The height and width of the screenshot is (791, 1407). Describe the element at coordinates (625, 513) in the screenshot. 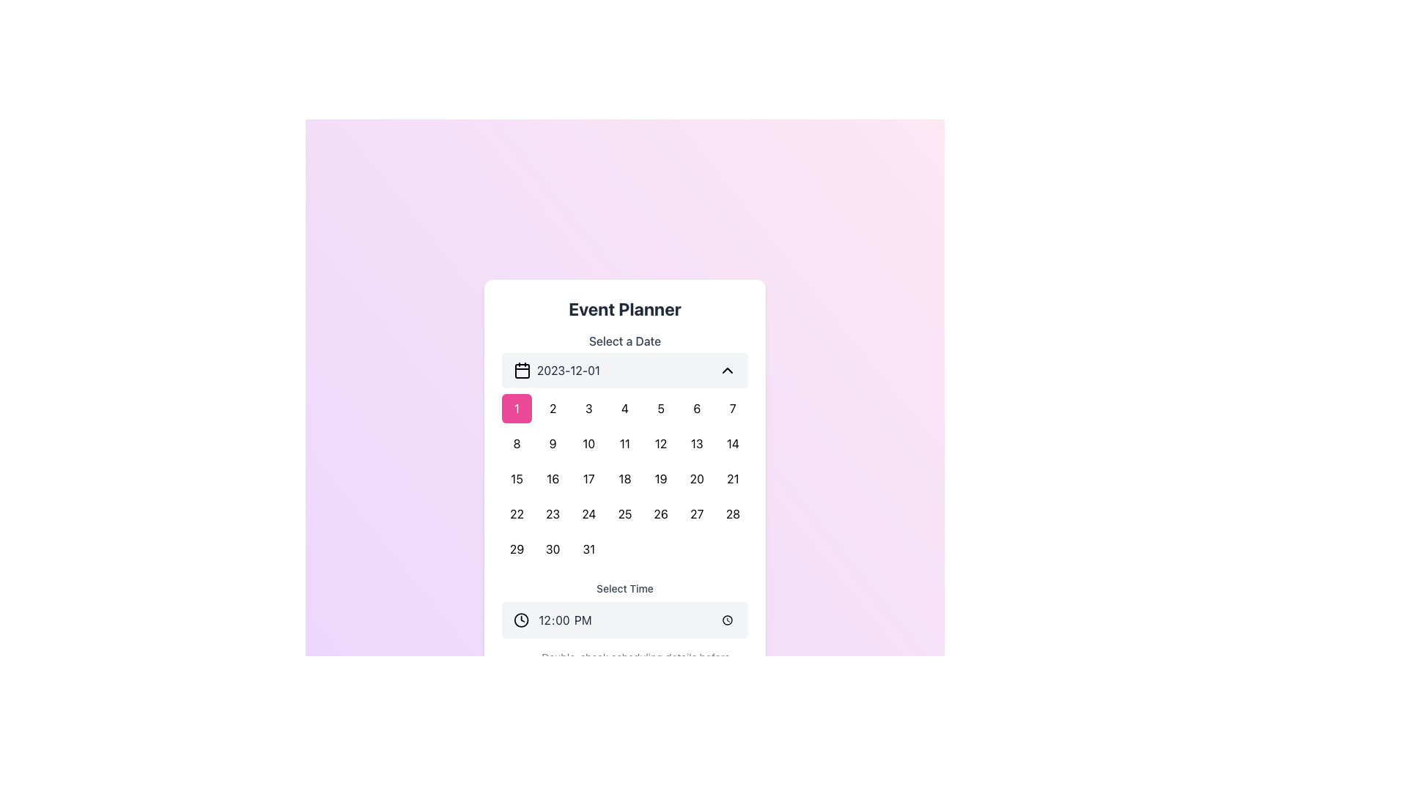

I see `the rounded rectangular button displaying the number '25' in the calendar grid to change its background color` at that location.